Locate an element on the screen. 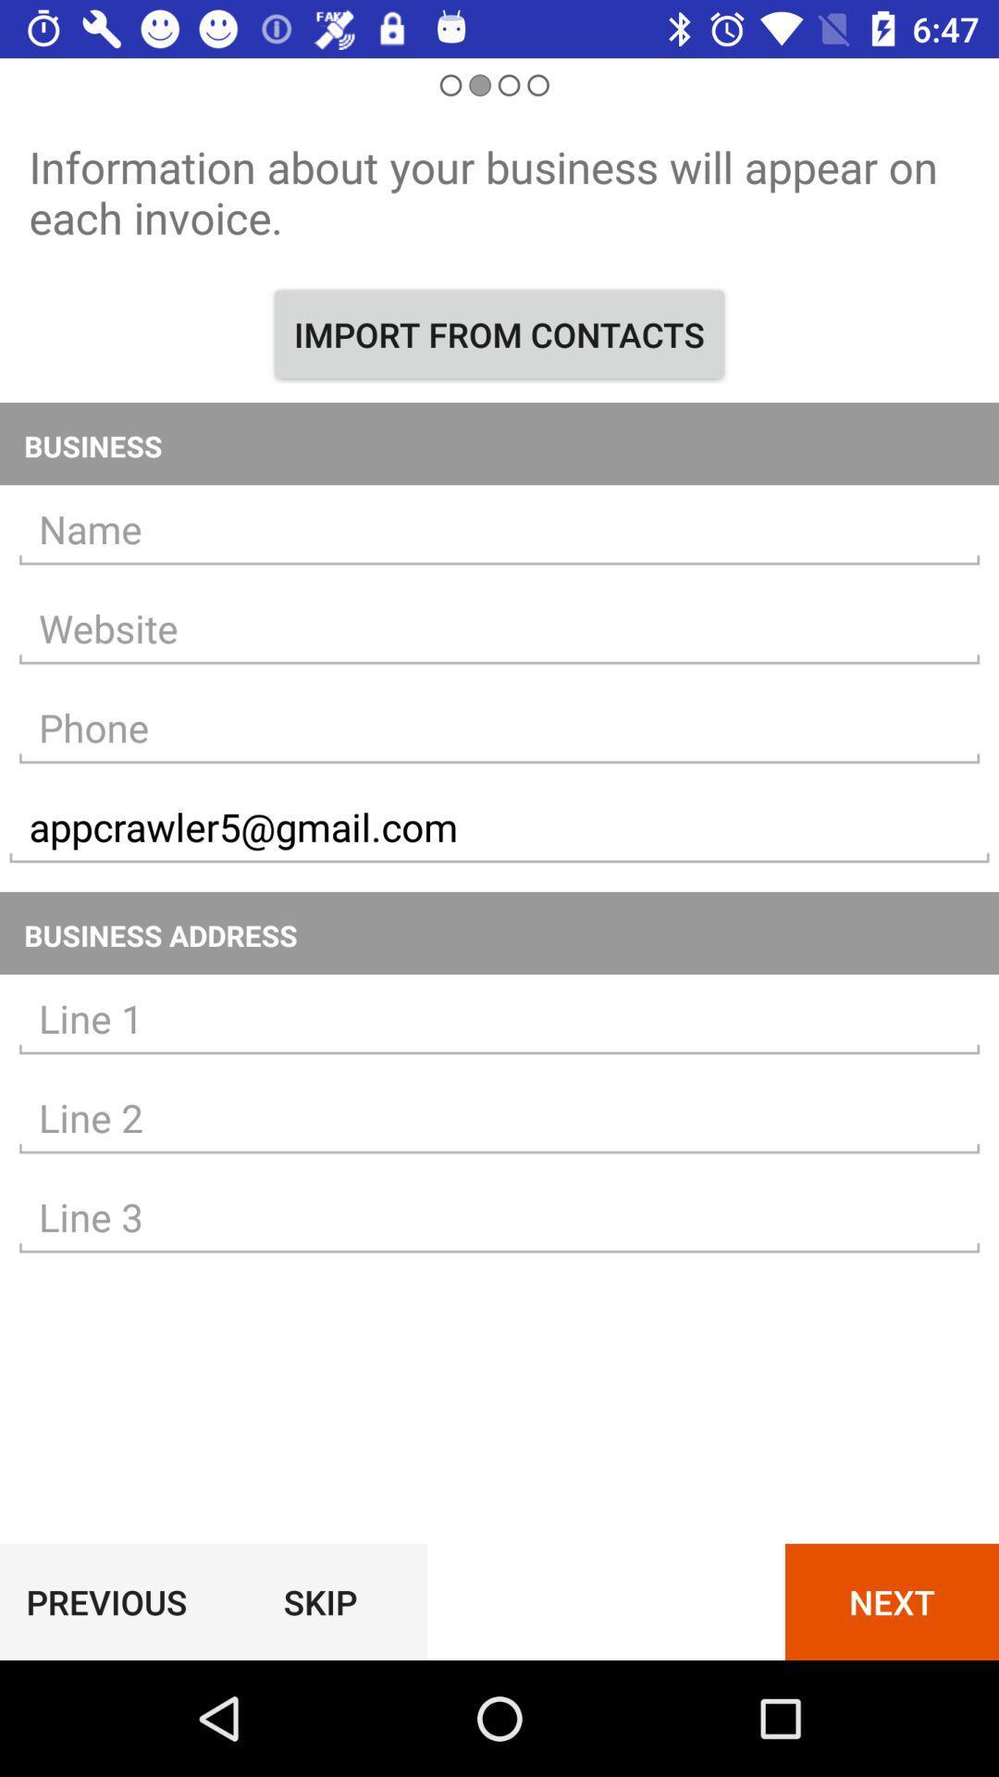  the icon to the left of the next is located at coordinates (319, 1601).